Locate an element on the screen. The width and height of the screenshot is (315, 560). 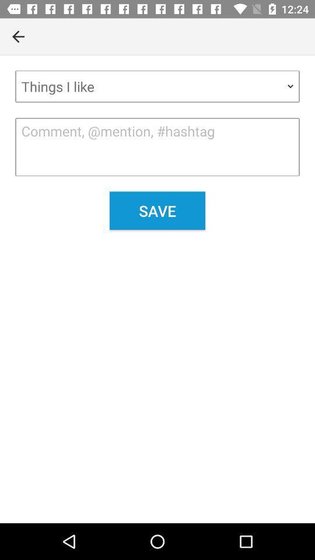
the item above the save is located at coordinates (157, 146).